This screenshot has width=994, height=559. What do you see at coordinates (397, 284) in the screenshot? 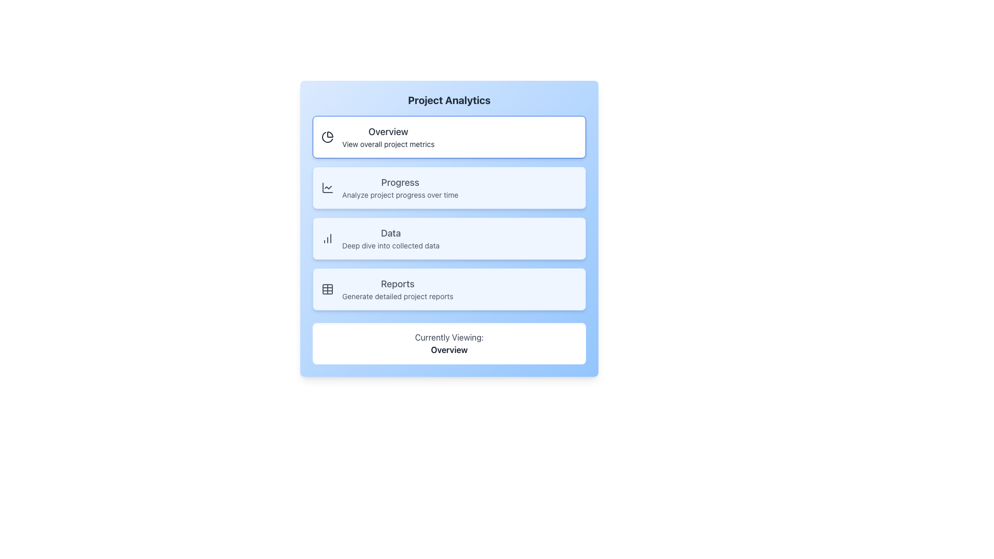
I see `the card associated with the 'Reports' option, which is a text label indicating the functionality related to generating detailed project reports, located below the 'Data' option in the menu` at bounding box center [397, 284].